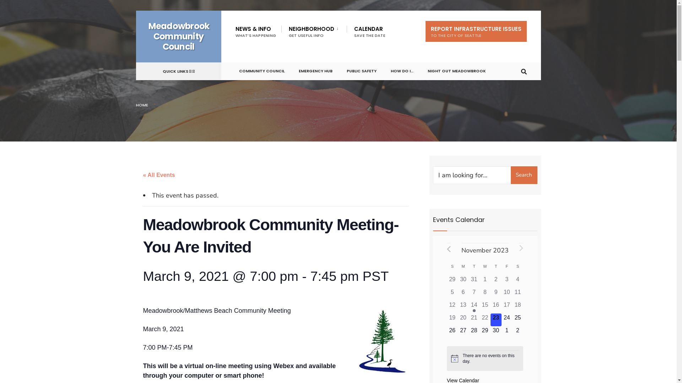  Describe the element at coordinates (512, 307) in the screenshot. I see `'0 events,` at that location.